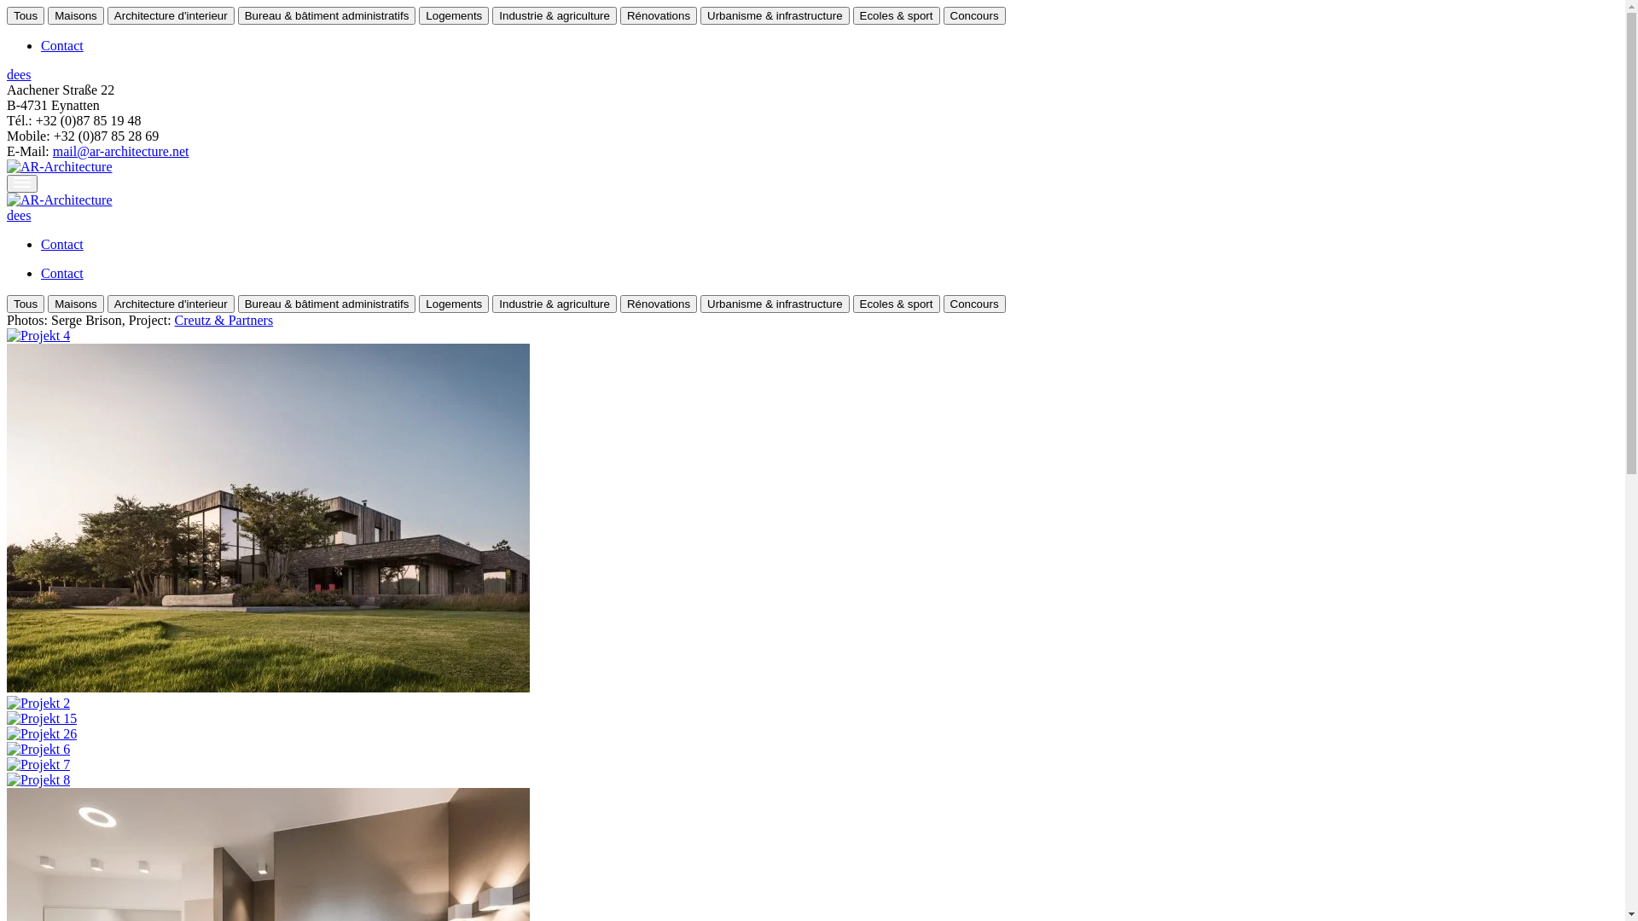 Image resolution: width=1638 pixels, height=921 pixels. I want to click on 'Architecture d'interieur', so click(106, 15).